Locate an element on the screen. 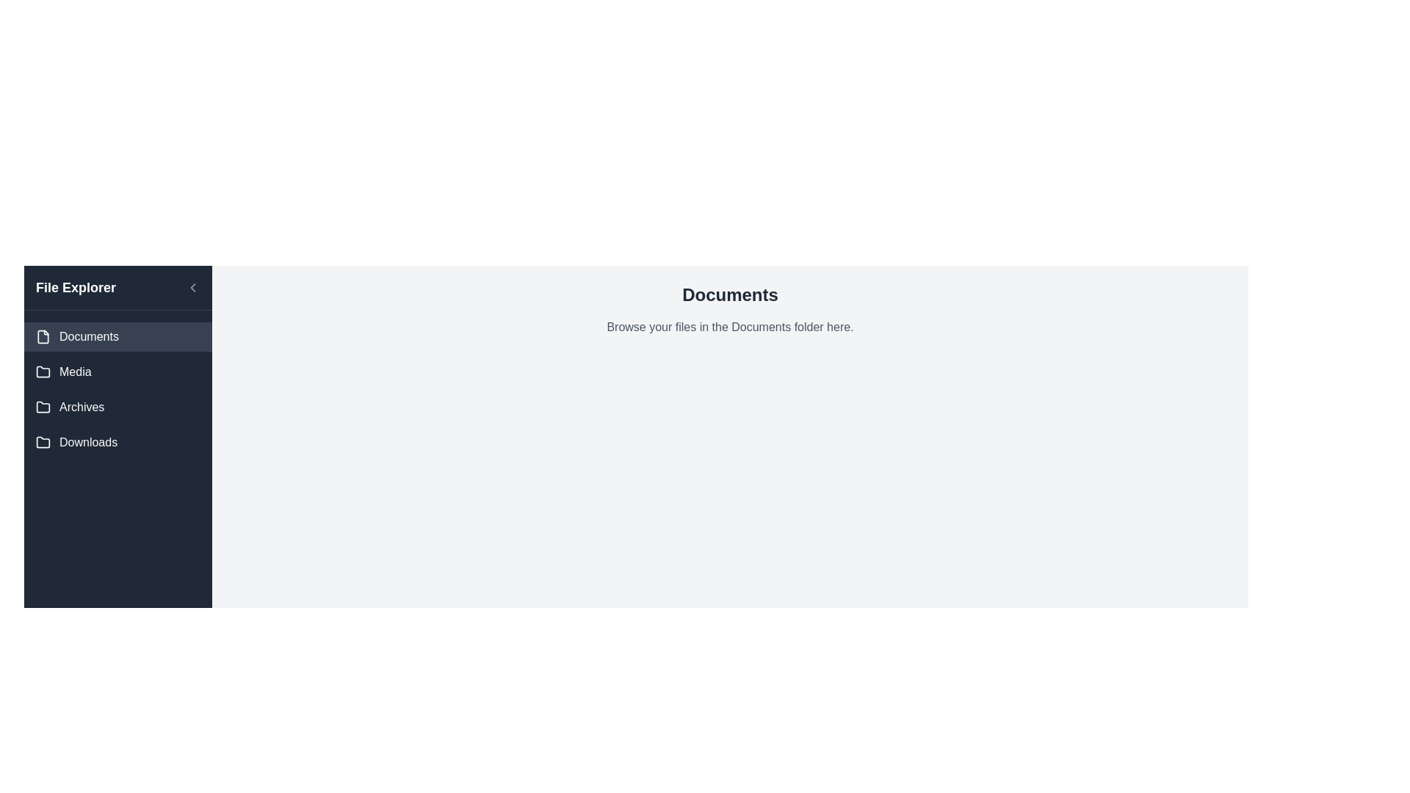 Image resolution: width=1410 pixels, height=793 pixels. the 'Archives' label adjacent to the folder icon in the 'File Explorer' sidebar is located at coordinates (43, 408).